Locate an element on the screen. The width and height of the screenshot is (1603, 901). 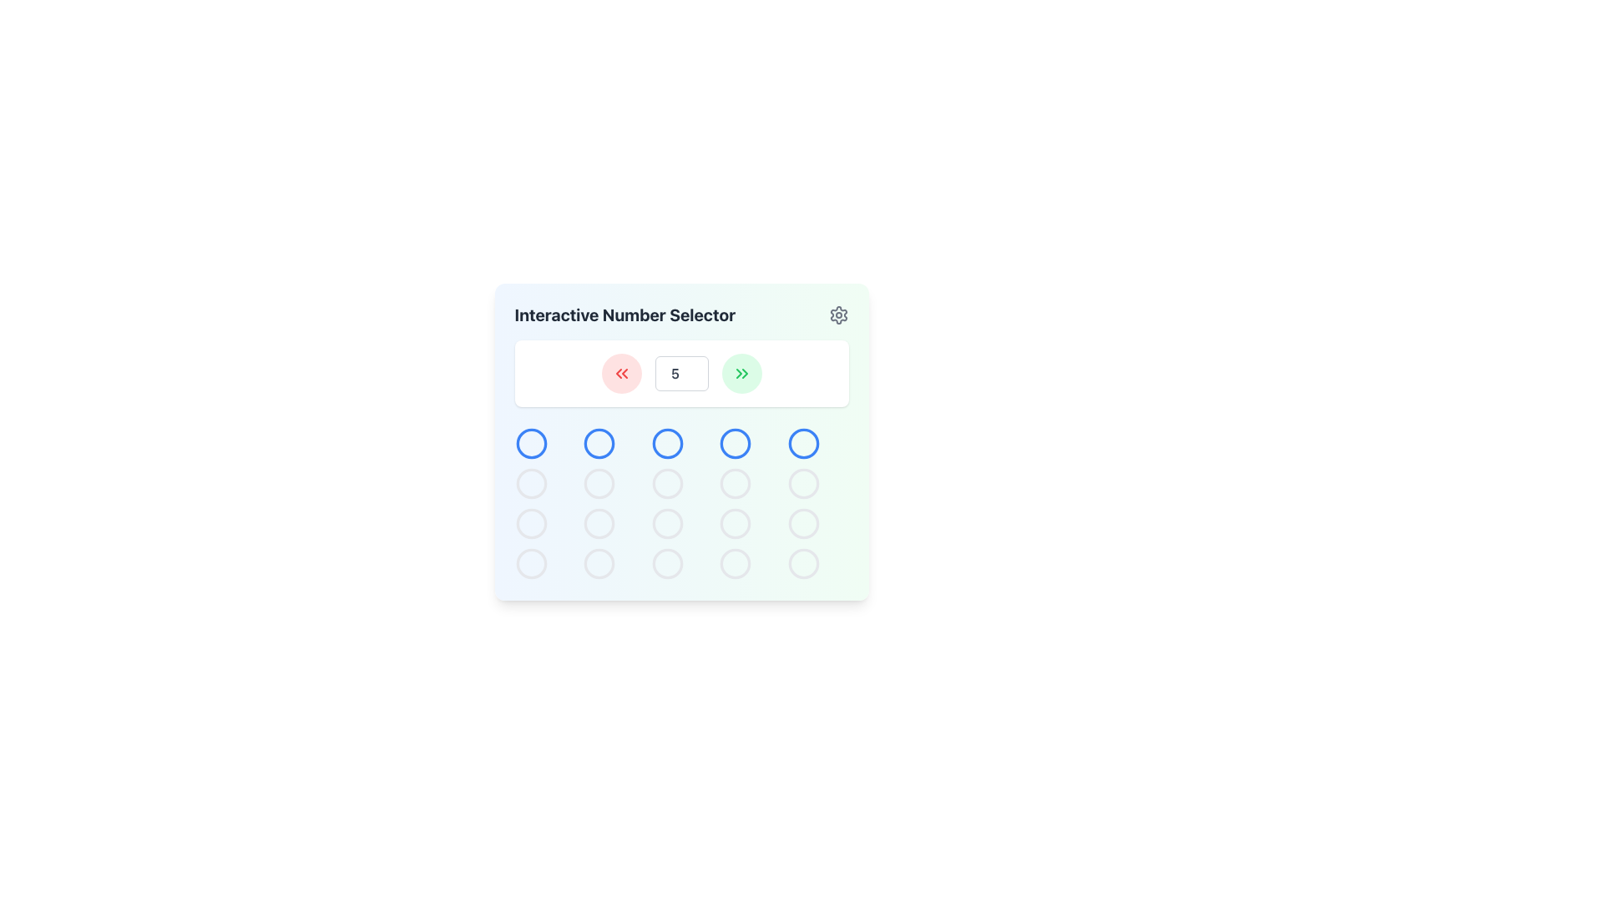
the inactive icon located in the last row and first column of the grid of circular icons is located at coordinates (530, 563).